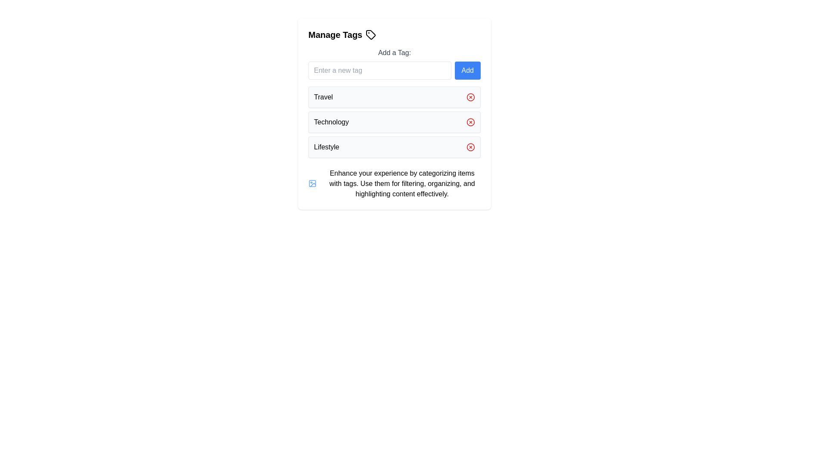  What do you see at coordinates (371, 34) in the screenshot?
I see `the tag-shaped icon located in the top-right area of the interface near the 'Manage Tags' section, which has a small circular dot near one of its corners` at bounding box center [371, 34].